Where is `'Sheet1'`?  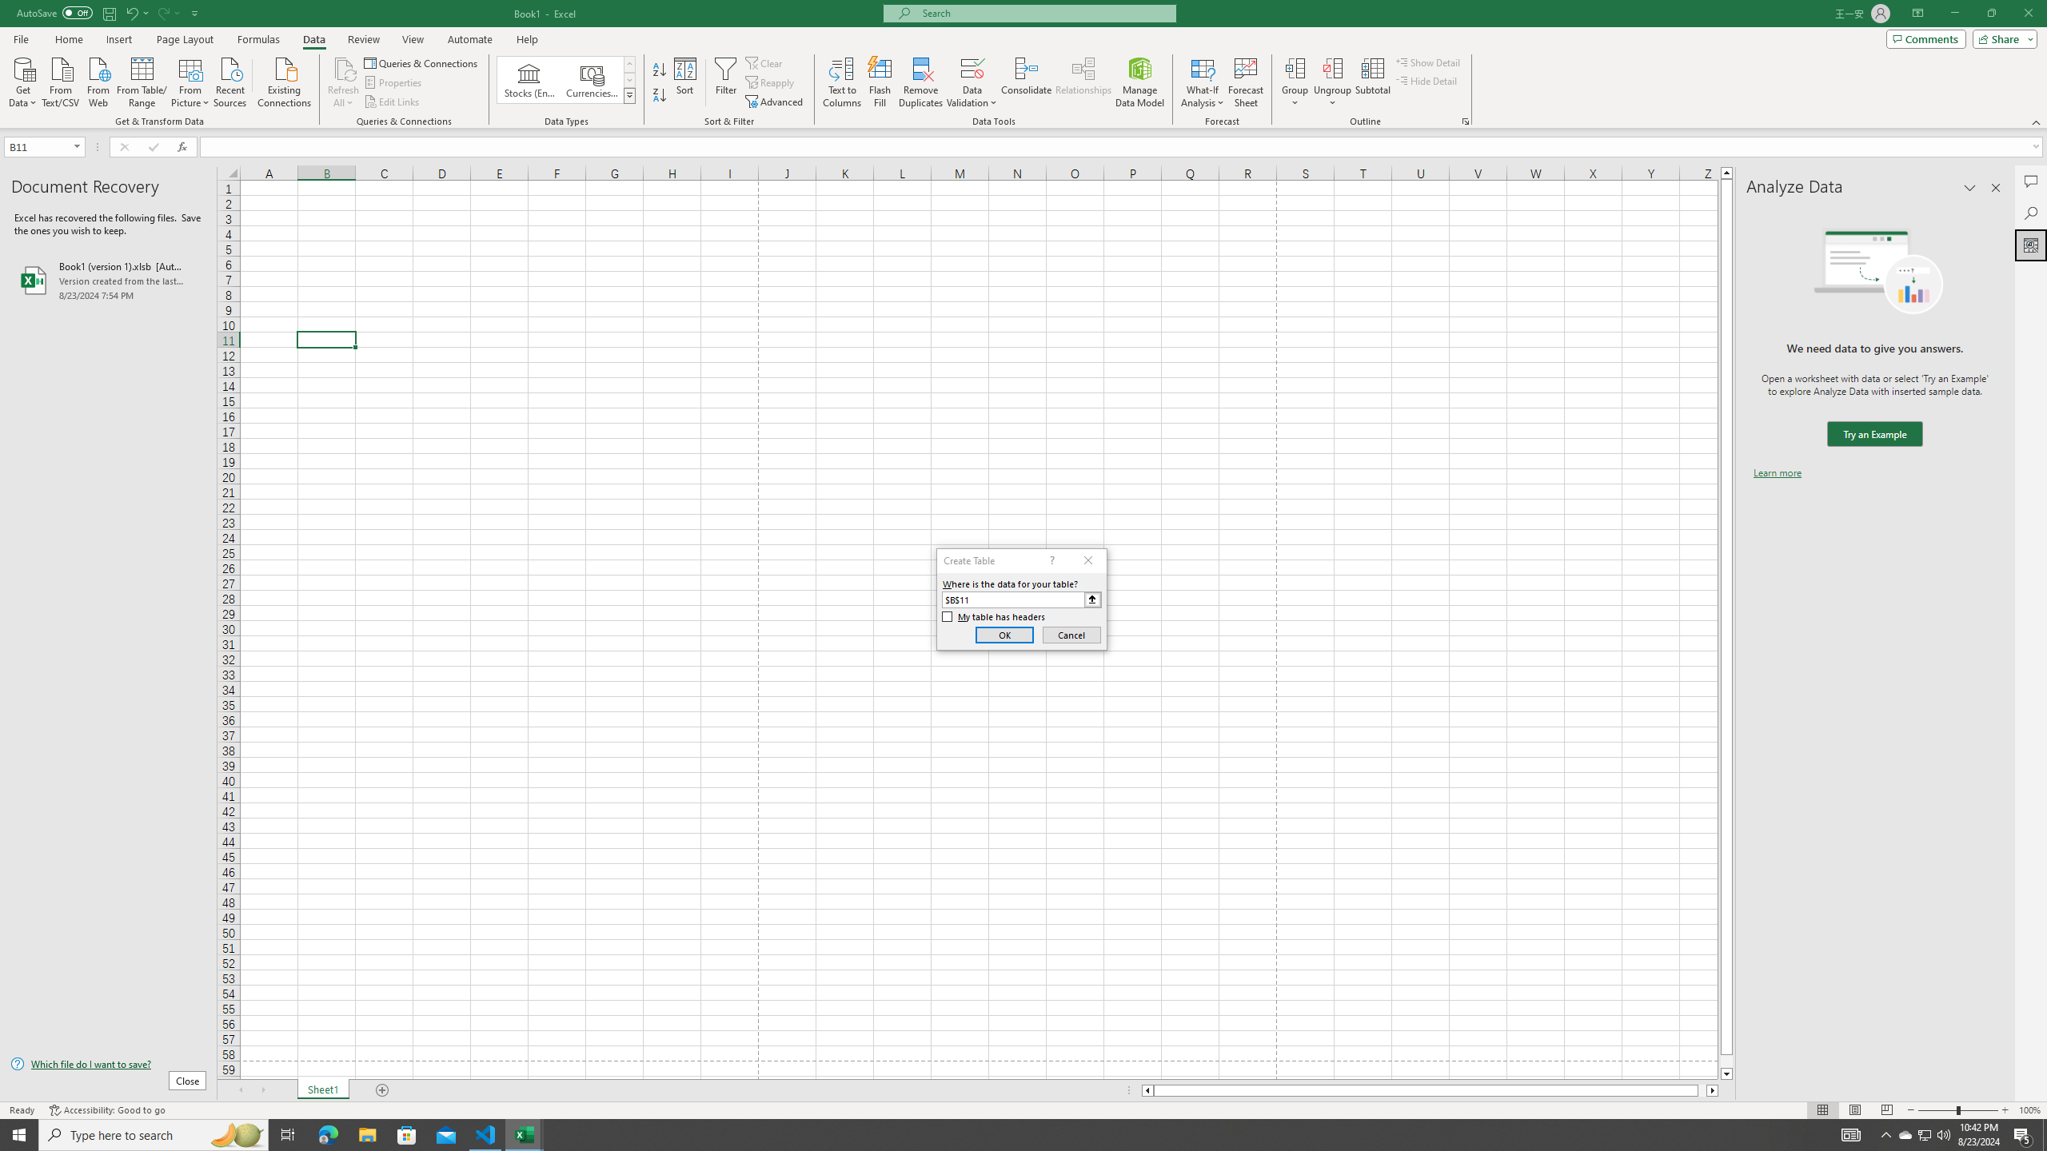
'Sheet1' is located at coordinates (322, 1089).